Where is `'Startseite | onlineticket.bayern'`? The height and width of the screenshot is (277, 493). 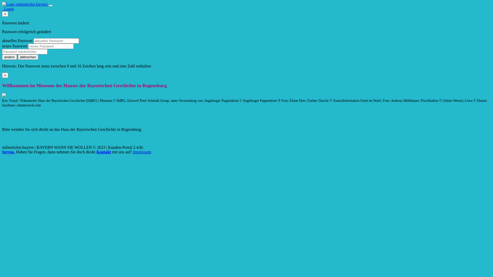 'Startseite | onlineticket.bayern' is located at coordinates (2, 4).